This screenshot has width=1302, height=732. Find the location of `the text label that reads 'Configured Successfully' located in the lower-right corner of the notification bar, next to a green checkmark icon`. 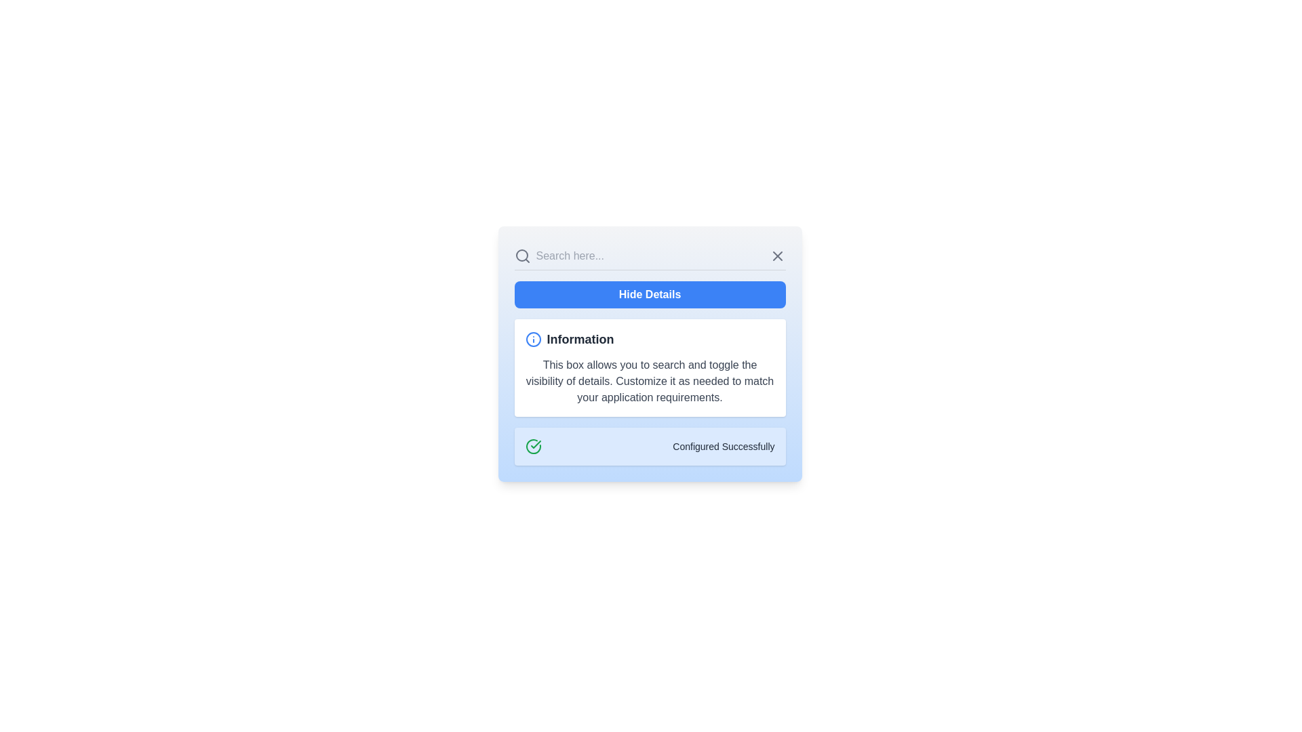

the text label that reads 'Configured Successfully' located in the lower-right corner of the notification bar, next to a green checkmark icon is located at coordinates (723, 447).